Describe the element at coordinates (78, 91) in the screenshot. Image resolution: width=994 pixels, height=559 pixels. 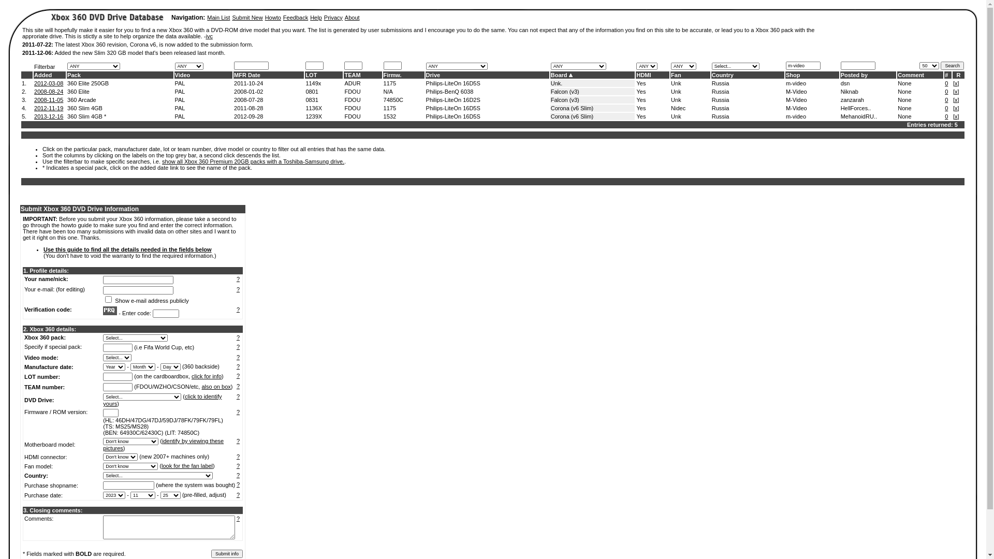
I see `'360 Elite'` at that location.